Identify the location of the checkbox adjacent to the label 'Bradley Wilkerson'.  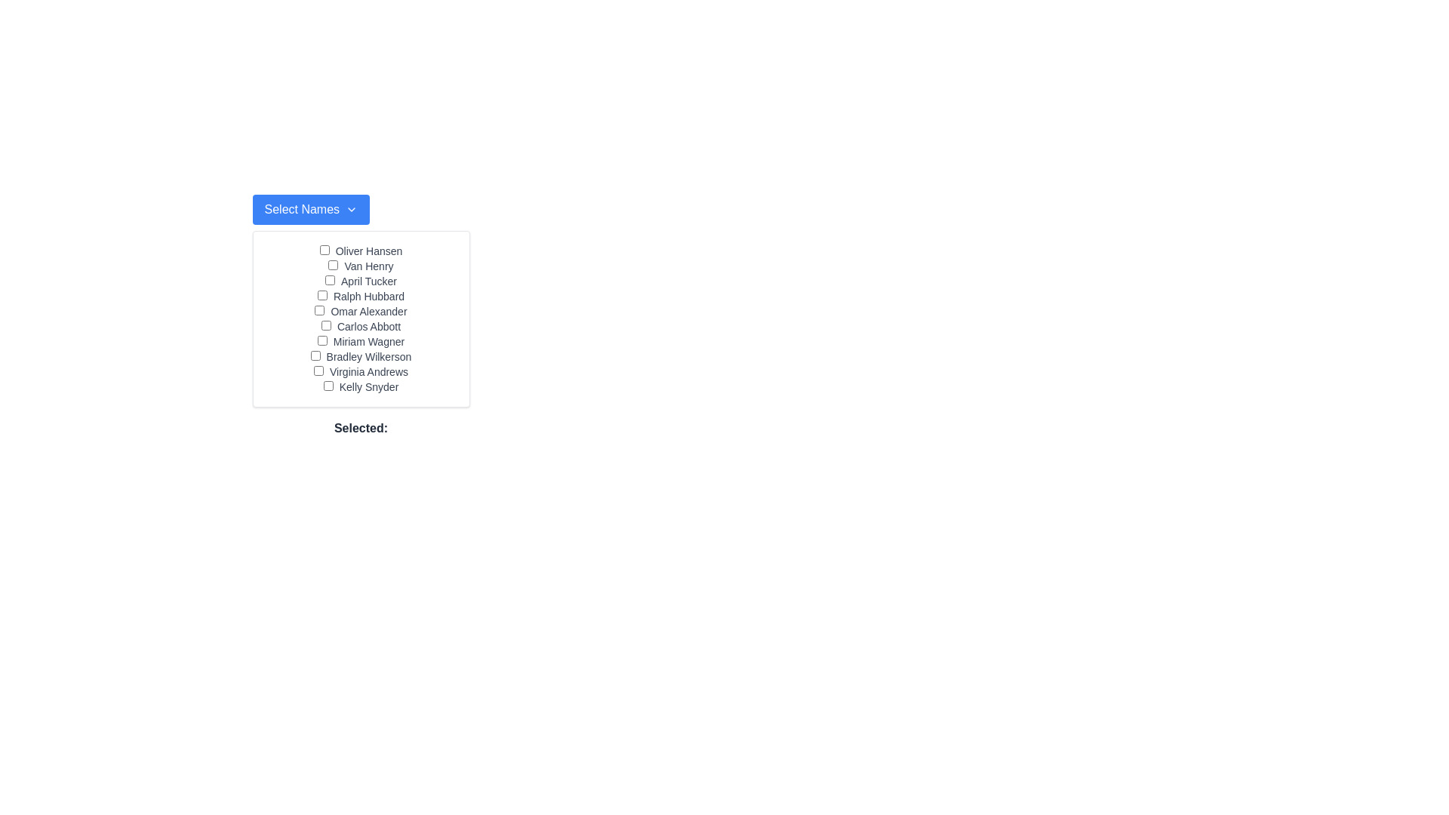
(314, 355).